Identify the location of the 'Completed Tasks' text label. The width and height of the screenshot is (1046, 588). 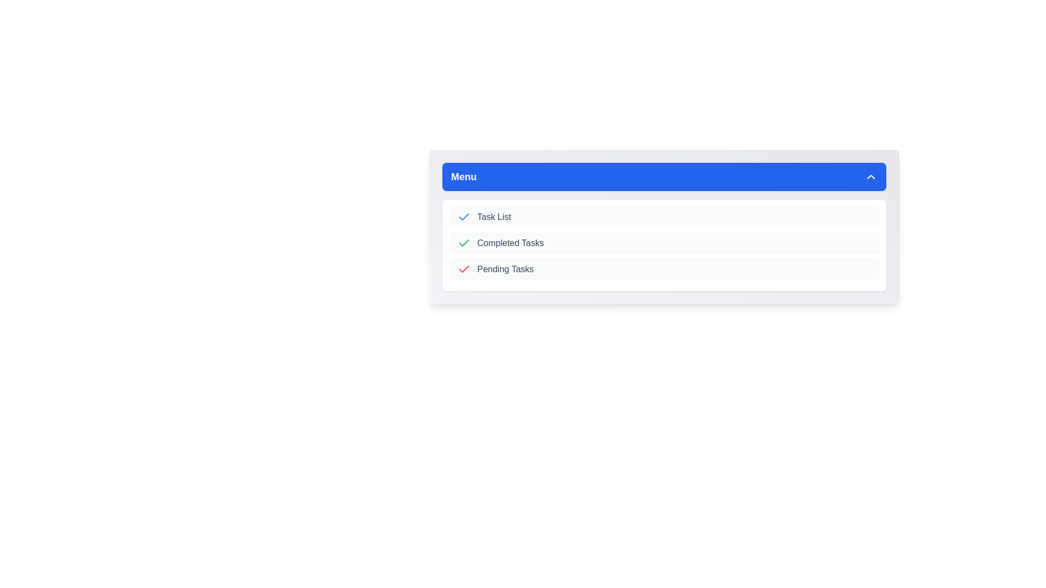
(510, 243).